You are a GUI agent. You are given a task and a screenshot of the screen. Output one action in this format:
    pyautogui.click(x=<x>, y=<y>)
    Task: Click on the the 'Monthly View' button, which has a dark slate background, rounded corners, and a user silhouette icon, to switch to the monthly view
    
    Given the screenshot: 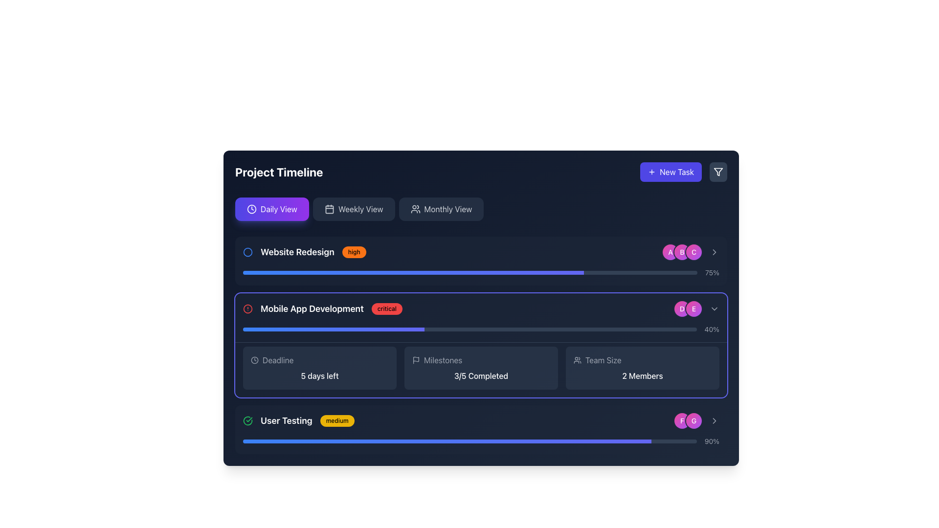 What is the action you would take?
    pyautogui.click(x=441, y=209)
    